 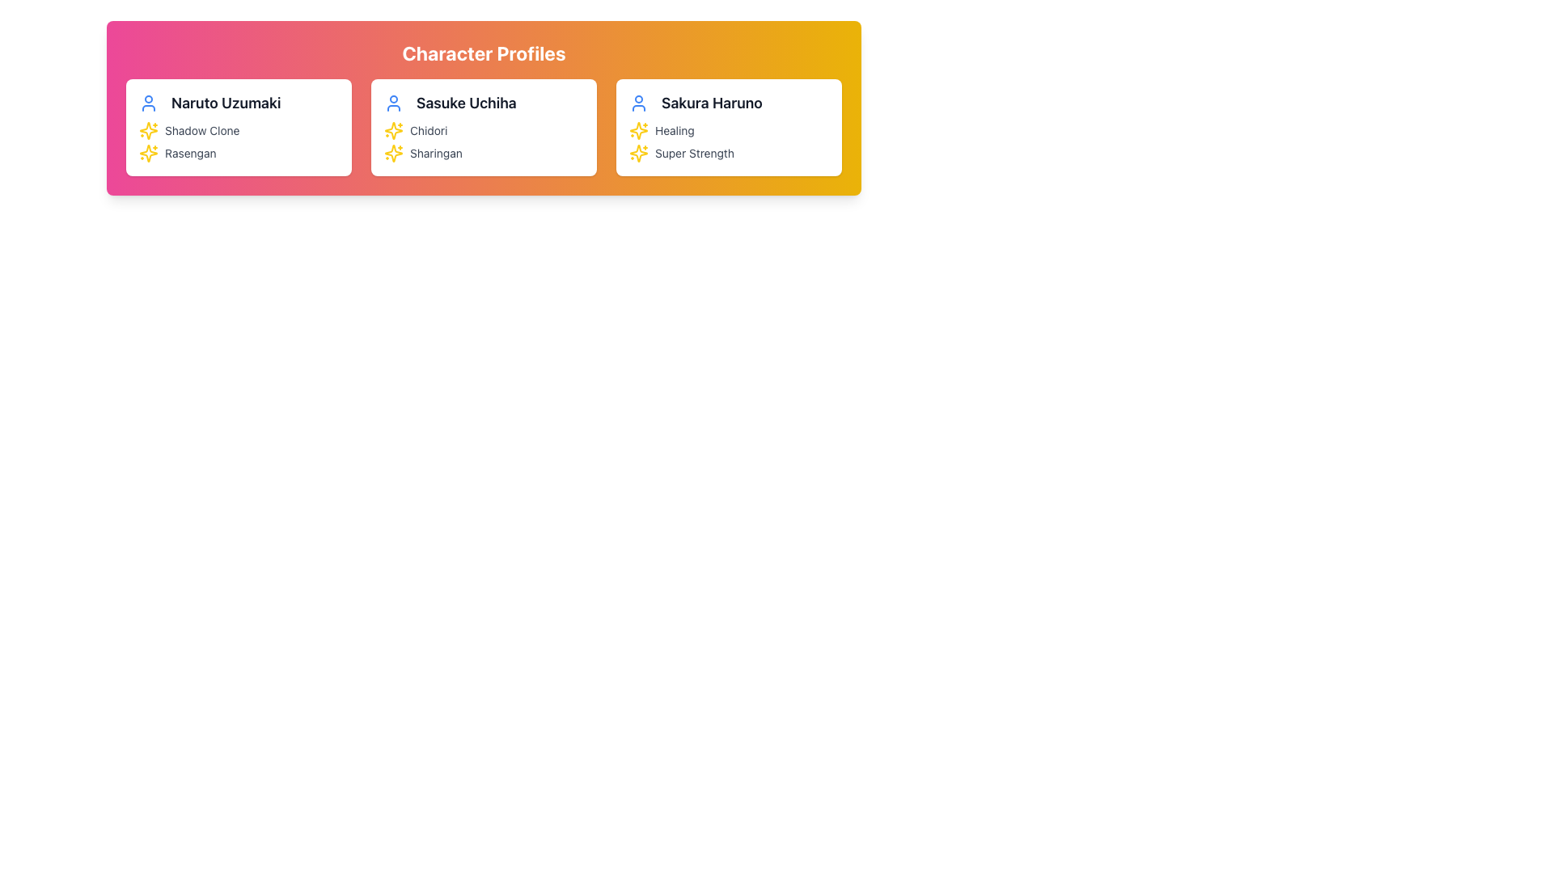 I want to click on the yellow star-like icon located below the title in the 'Sasuke Uchiha' card, so click(x=638, y=130).